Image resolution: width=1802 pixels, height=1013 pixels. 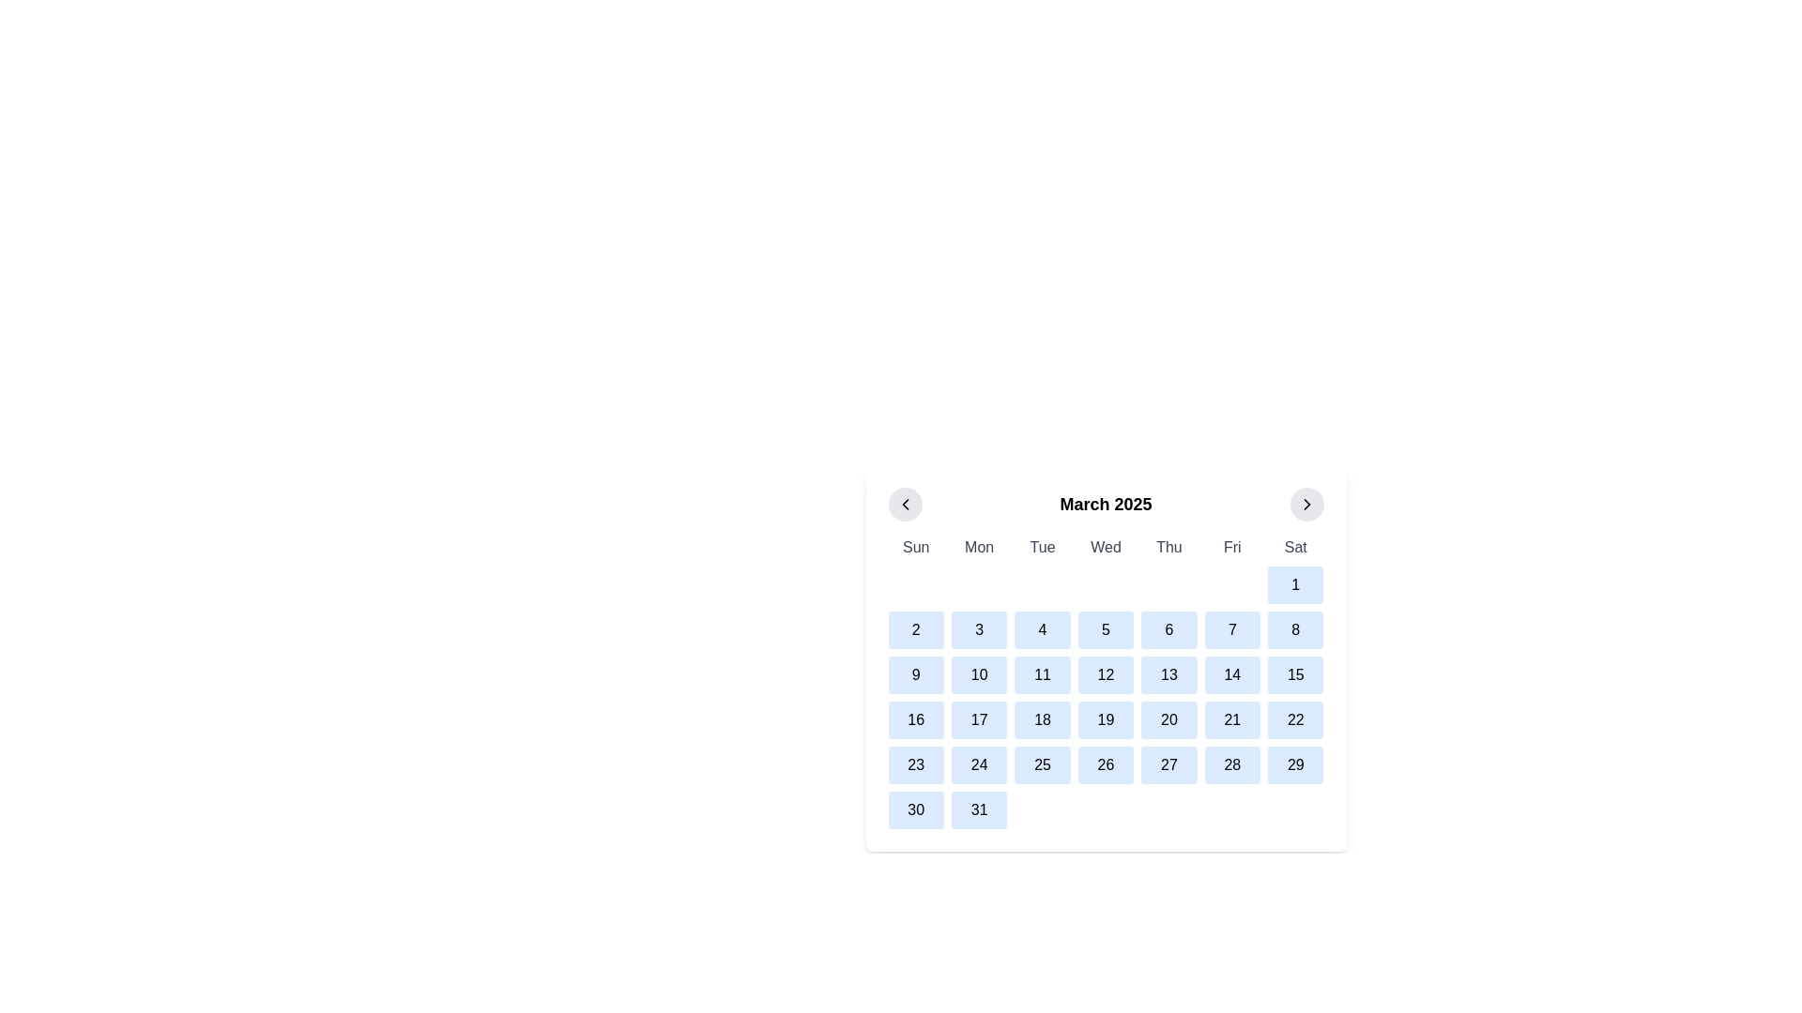 I want to click on the button representing the 18th day of March 2025 in the monthly calendar view, so click(x=1042, y=718).